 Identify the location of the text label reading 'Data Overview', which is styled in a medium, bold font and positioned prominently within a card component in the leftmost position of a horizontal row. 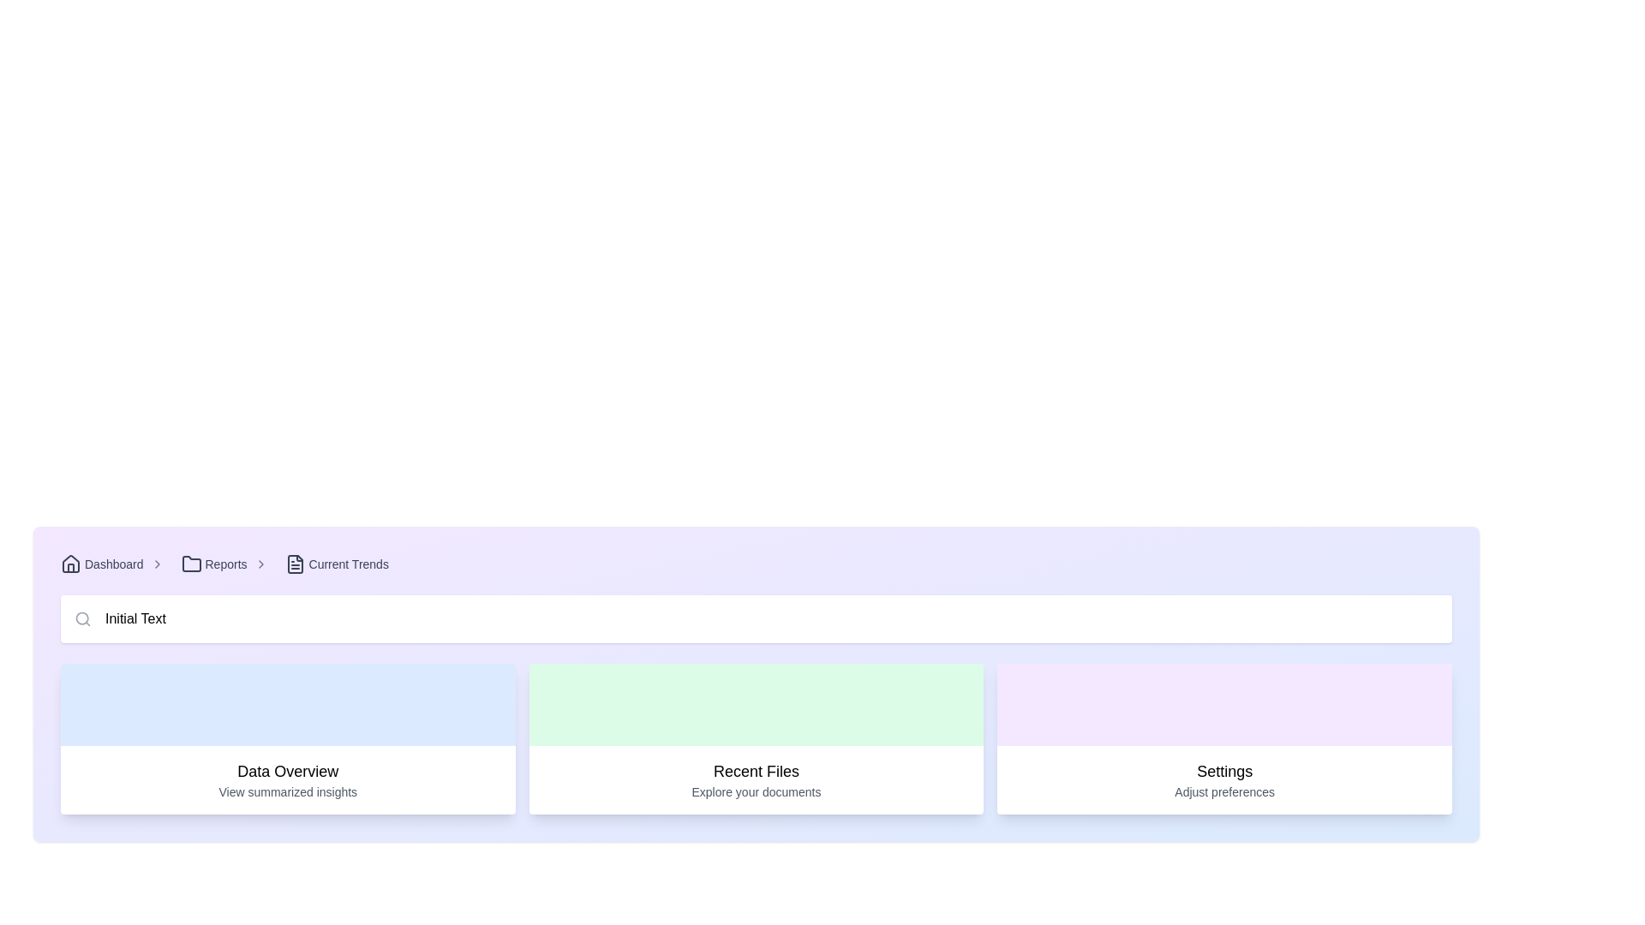
(288, 772).